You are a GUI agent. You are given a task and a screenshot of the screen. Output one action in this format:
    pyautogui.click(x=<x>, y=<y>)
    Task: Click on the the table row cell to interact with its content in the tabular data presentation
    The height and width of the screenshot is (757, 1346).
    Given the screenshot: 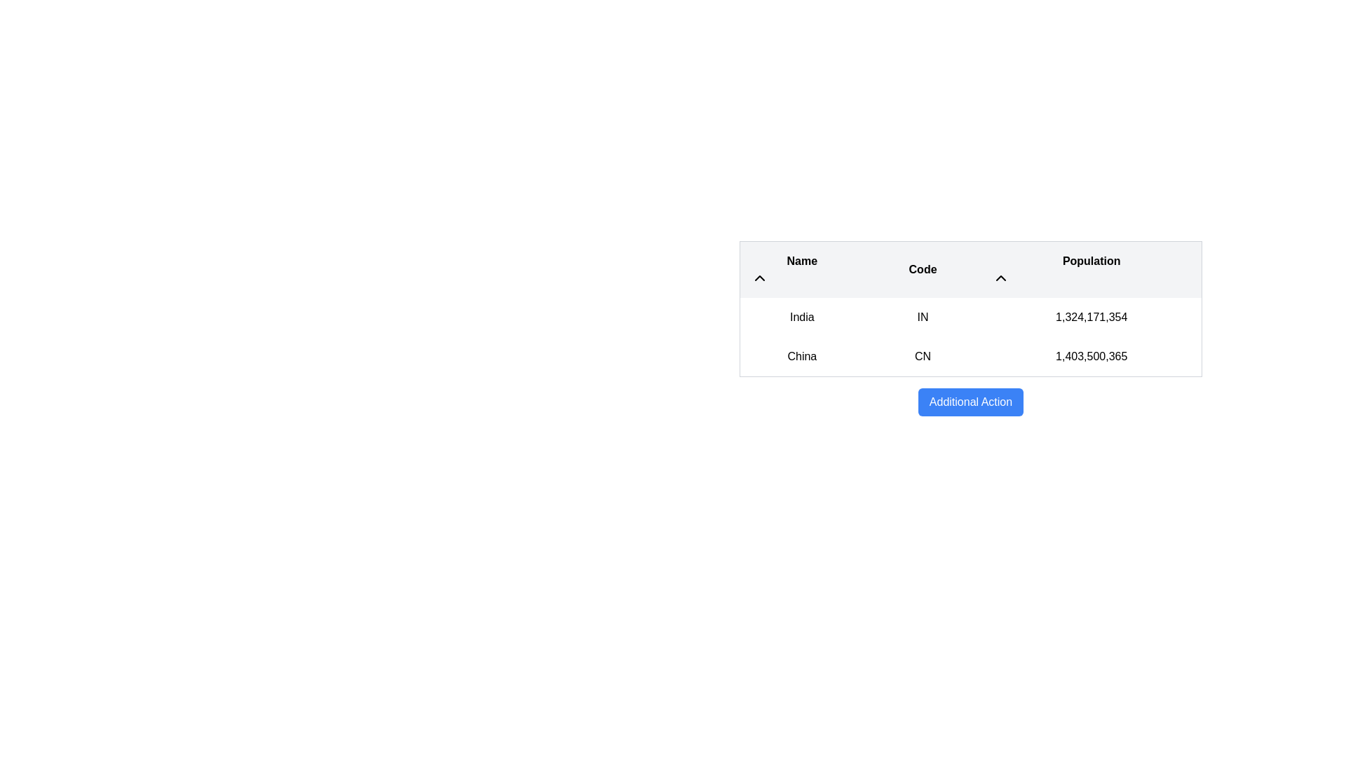 What is the action you would take?
    pyautogui.click(x=970, y=329)
    